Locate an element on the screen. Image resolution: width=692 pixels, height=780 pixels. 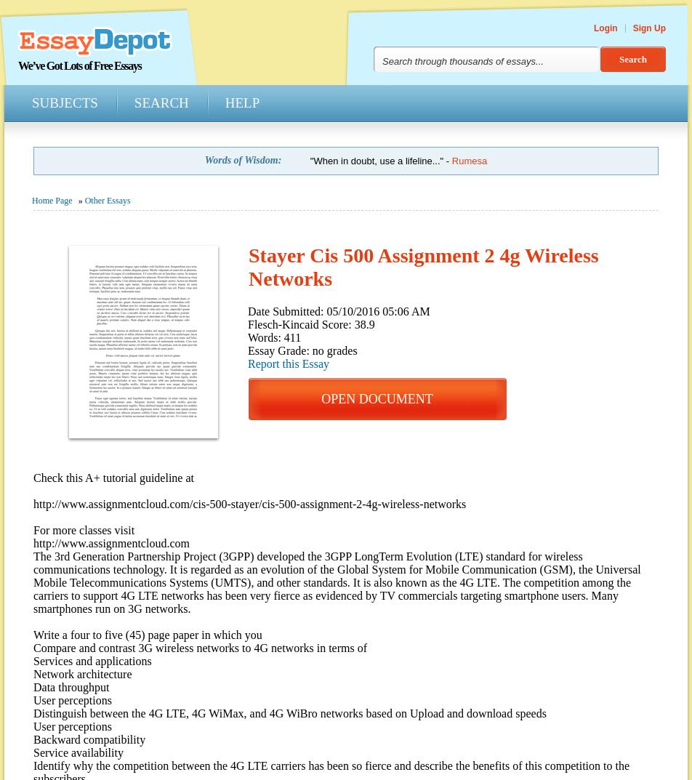
'Flesch-Kincaid Score: 38.9' is located at coordinates (311, 324).